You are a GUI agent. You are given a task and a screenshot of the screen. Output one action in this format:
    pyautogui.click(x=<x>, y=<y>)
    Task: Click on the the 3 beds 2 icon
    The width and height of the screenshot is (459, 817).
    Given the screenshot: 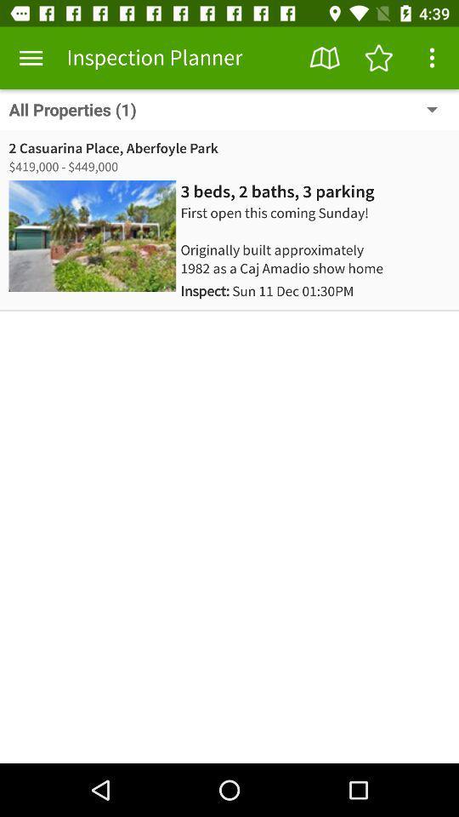 What is the action you would take?
    pyautogui.click(x=277, y=191)
    